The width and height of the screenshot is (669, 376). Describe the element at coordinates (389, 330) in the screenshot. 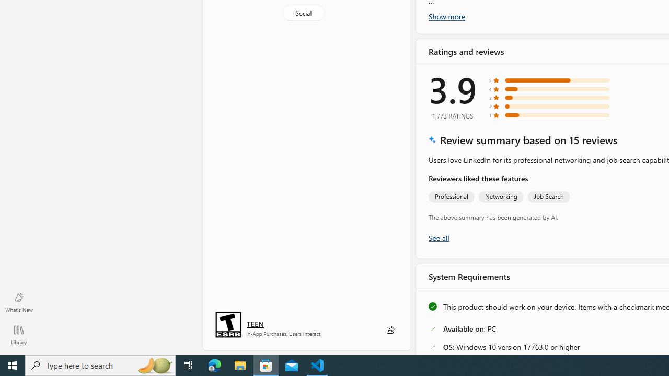

I see `'Share'` at that location.